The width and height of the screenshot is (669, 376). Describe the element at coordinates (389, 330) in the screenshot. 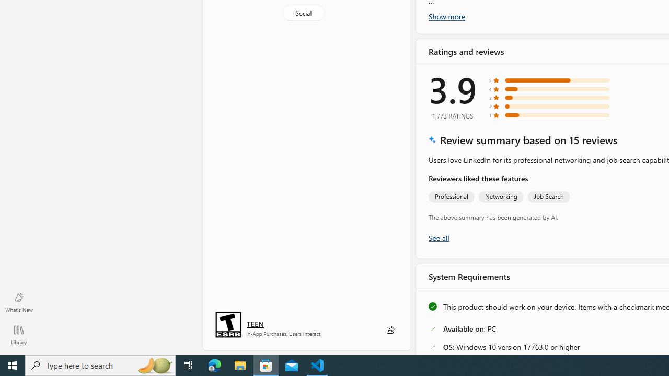

I see `'Share'` at that location.